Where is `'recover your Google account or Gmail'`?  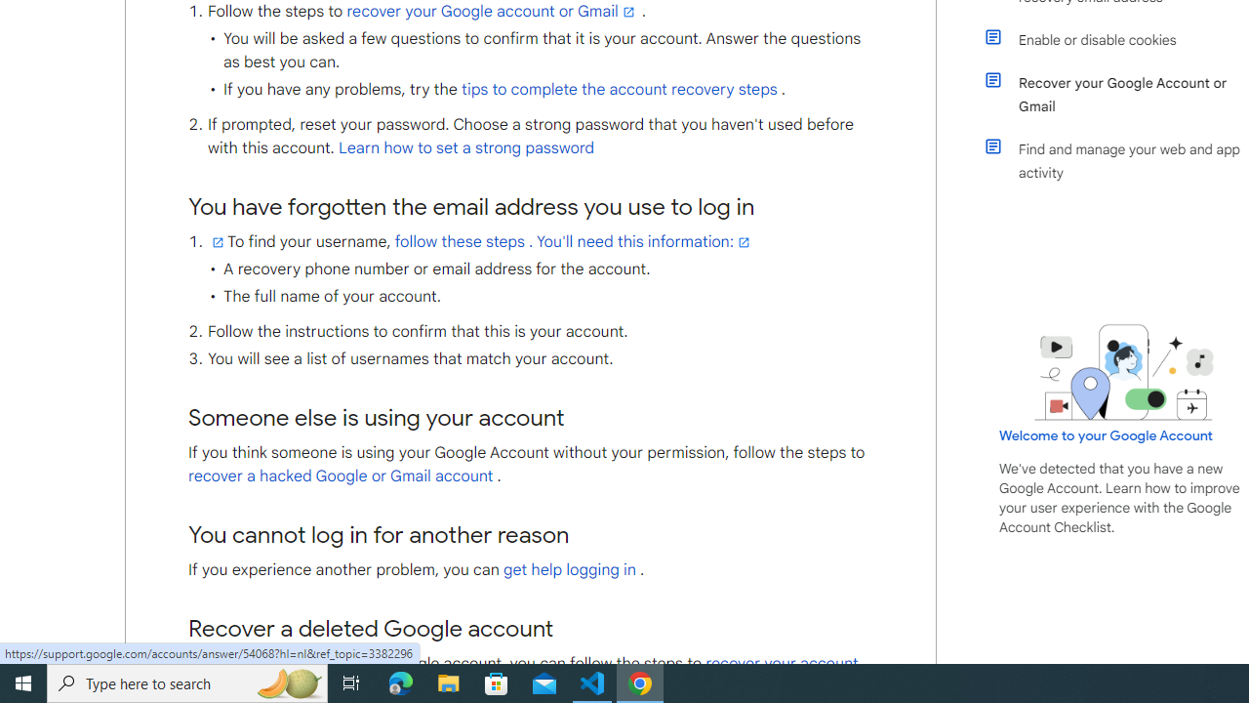 'recover your Google account or Gmail' is located at coordinates (492, 12).